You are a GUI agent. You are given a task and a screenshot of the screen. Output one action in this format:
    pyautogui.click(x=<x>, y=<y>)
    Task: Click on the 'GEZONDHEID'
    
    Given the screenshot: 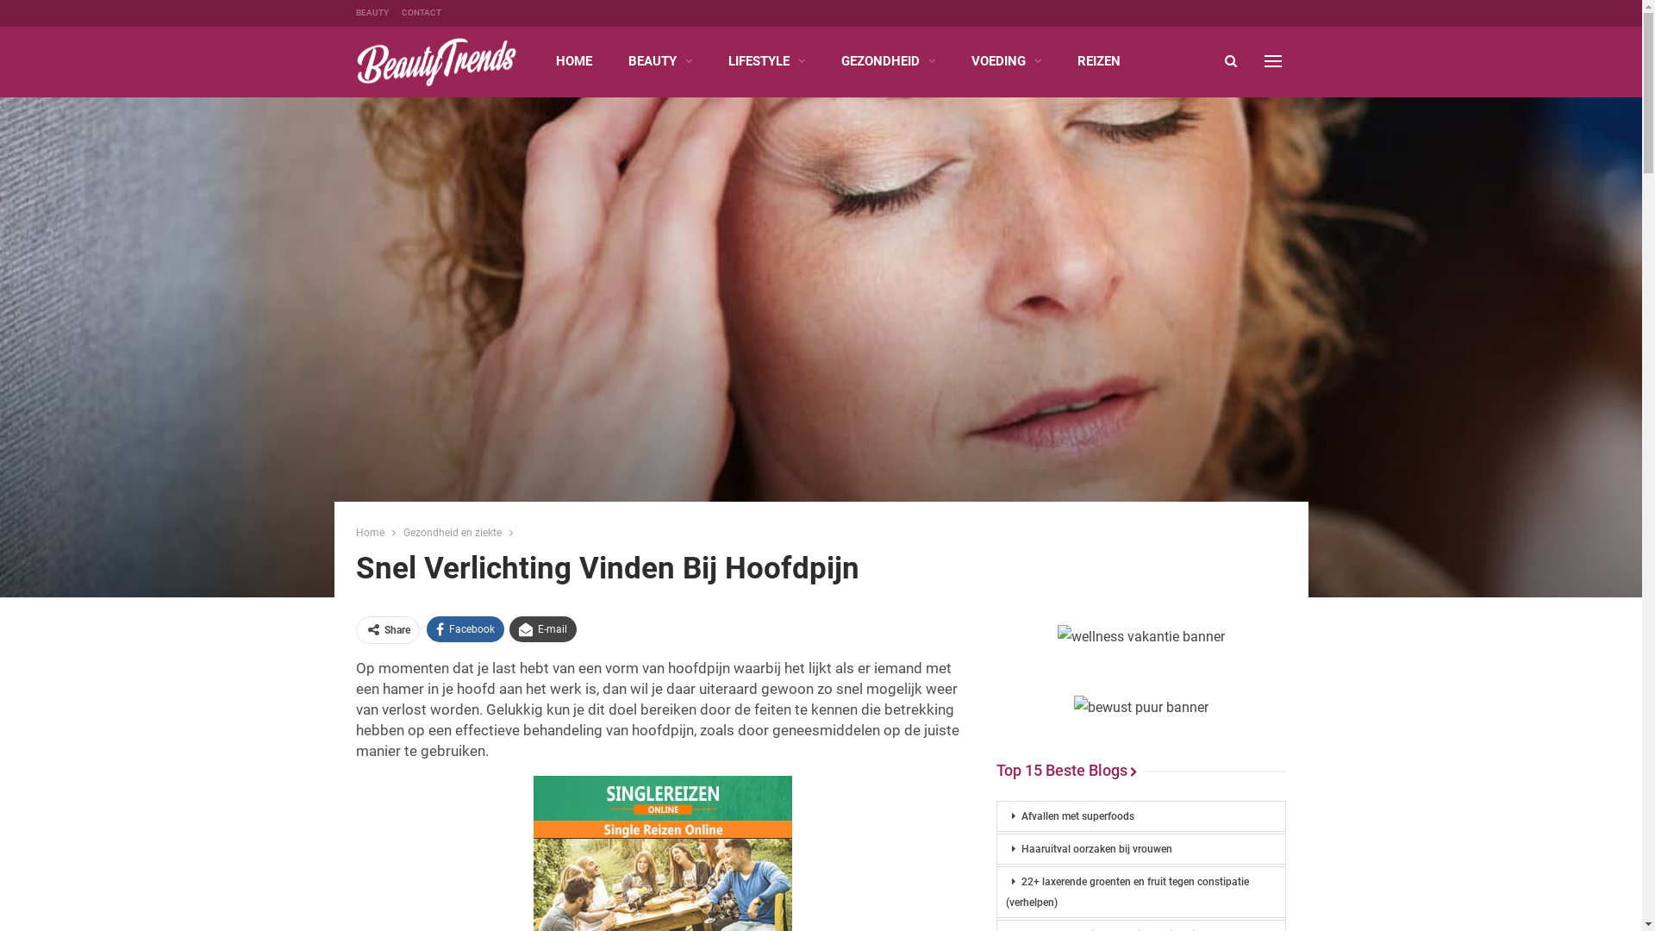 What is the action you would take?
    pyautogui.click(x=827, y=59)
    